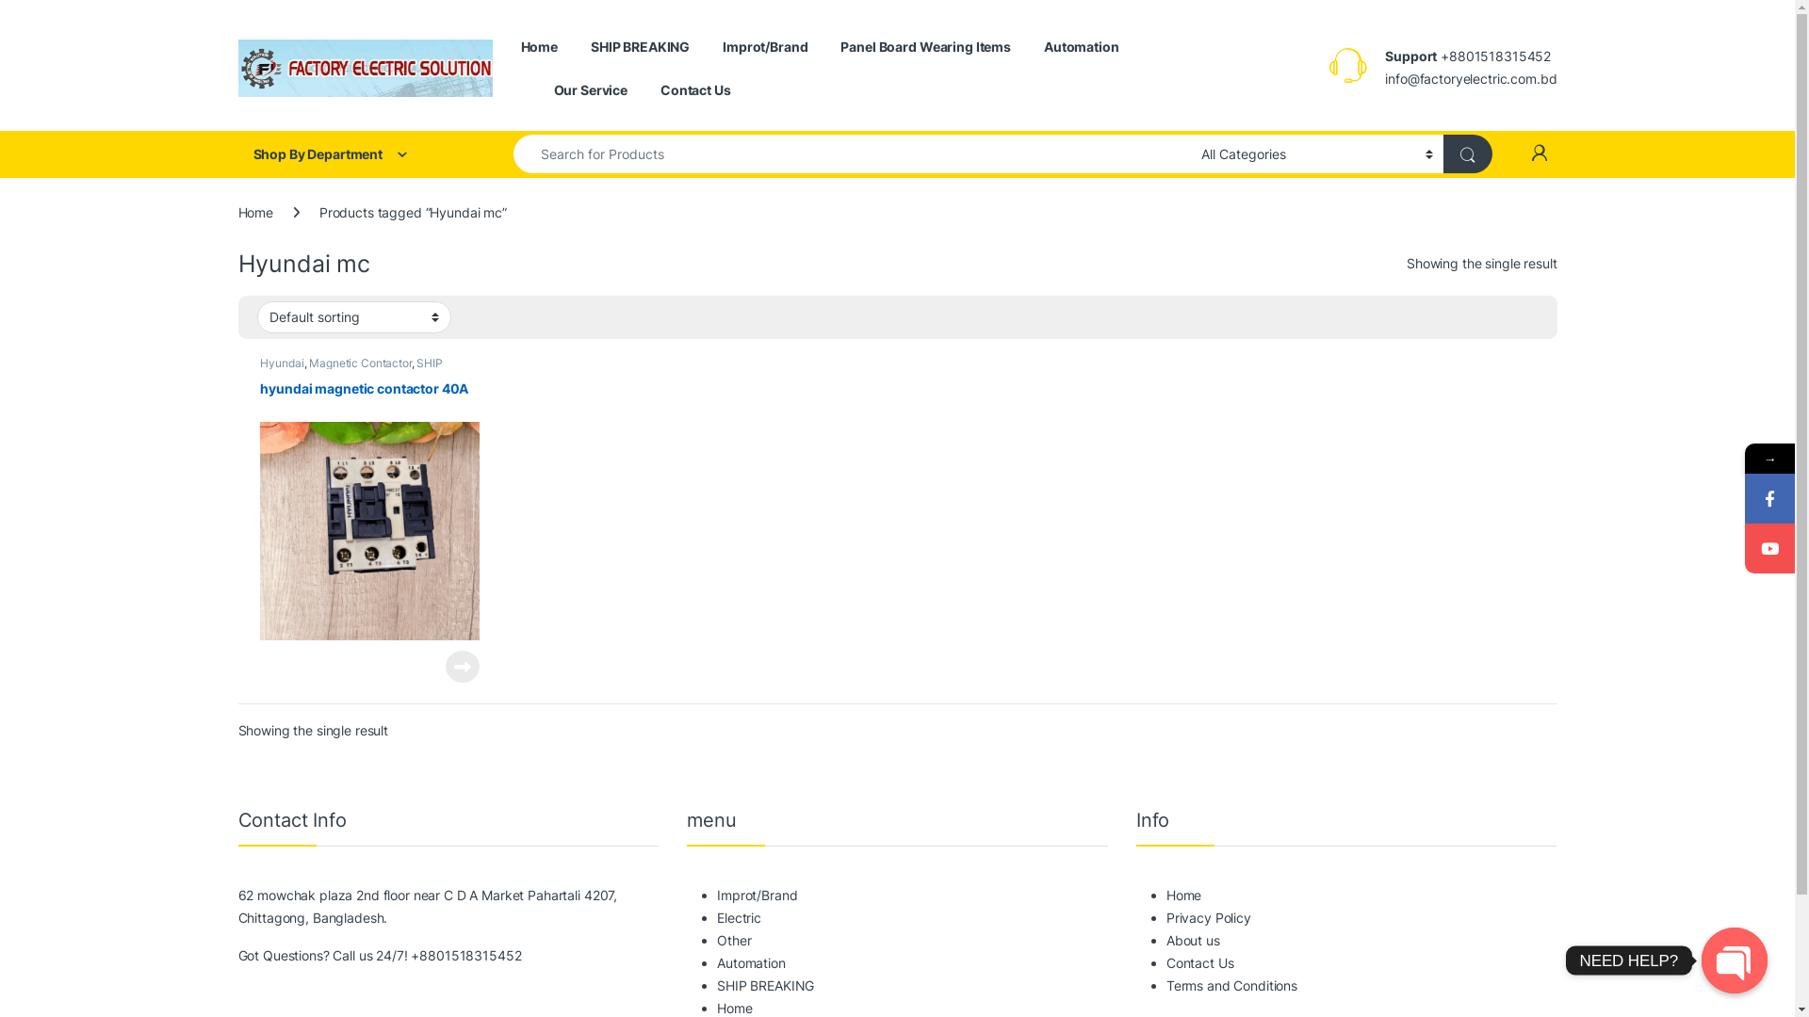 The width and height of the screenshot is (1809, 1017). Describe the element at coordinates (280, 363) in the screenshot. I see `'Hyundai'` at that location.